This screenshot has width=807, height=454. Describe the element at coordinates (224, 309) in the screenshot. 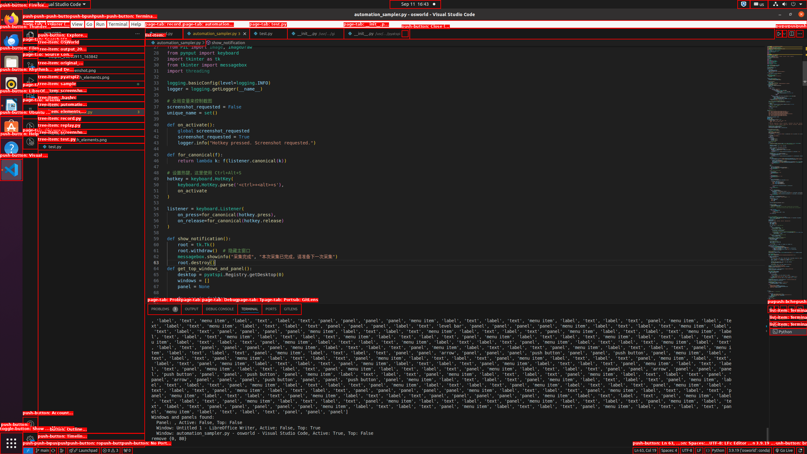

I see `'Active View Switcher'` at that location.